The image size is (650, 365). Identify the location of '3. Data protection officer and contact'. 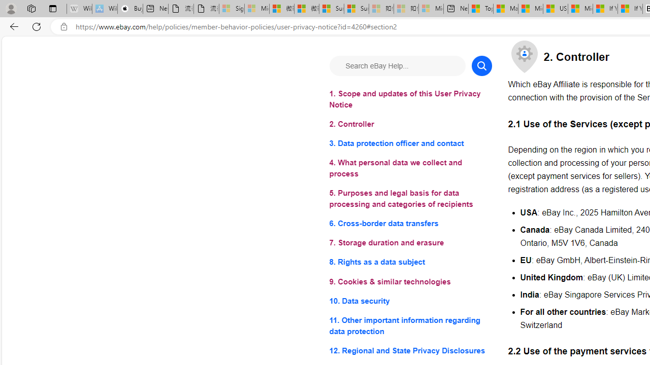
(410, 143).